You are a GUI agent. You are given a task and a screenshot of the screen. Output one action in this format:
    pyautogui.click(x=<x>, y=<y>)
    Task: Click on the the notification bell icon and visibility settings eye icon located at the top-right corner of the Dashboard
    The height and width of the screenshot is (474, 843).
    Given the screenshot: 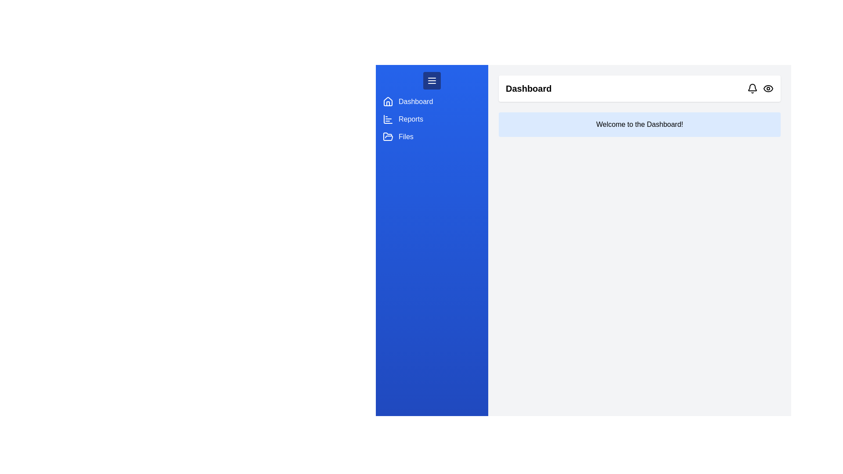 What is the action you would take?
    pyautogui.click(x=760, y=88)
    